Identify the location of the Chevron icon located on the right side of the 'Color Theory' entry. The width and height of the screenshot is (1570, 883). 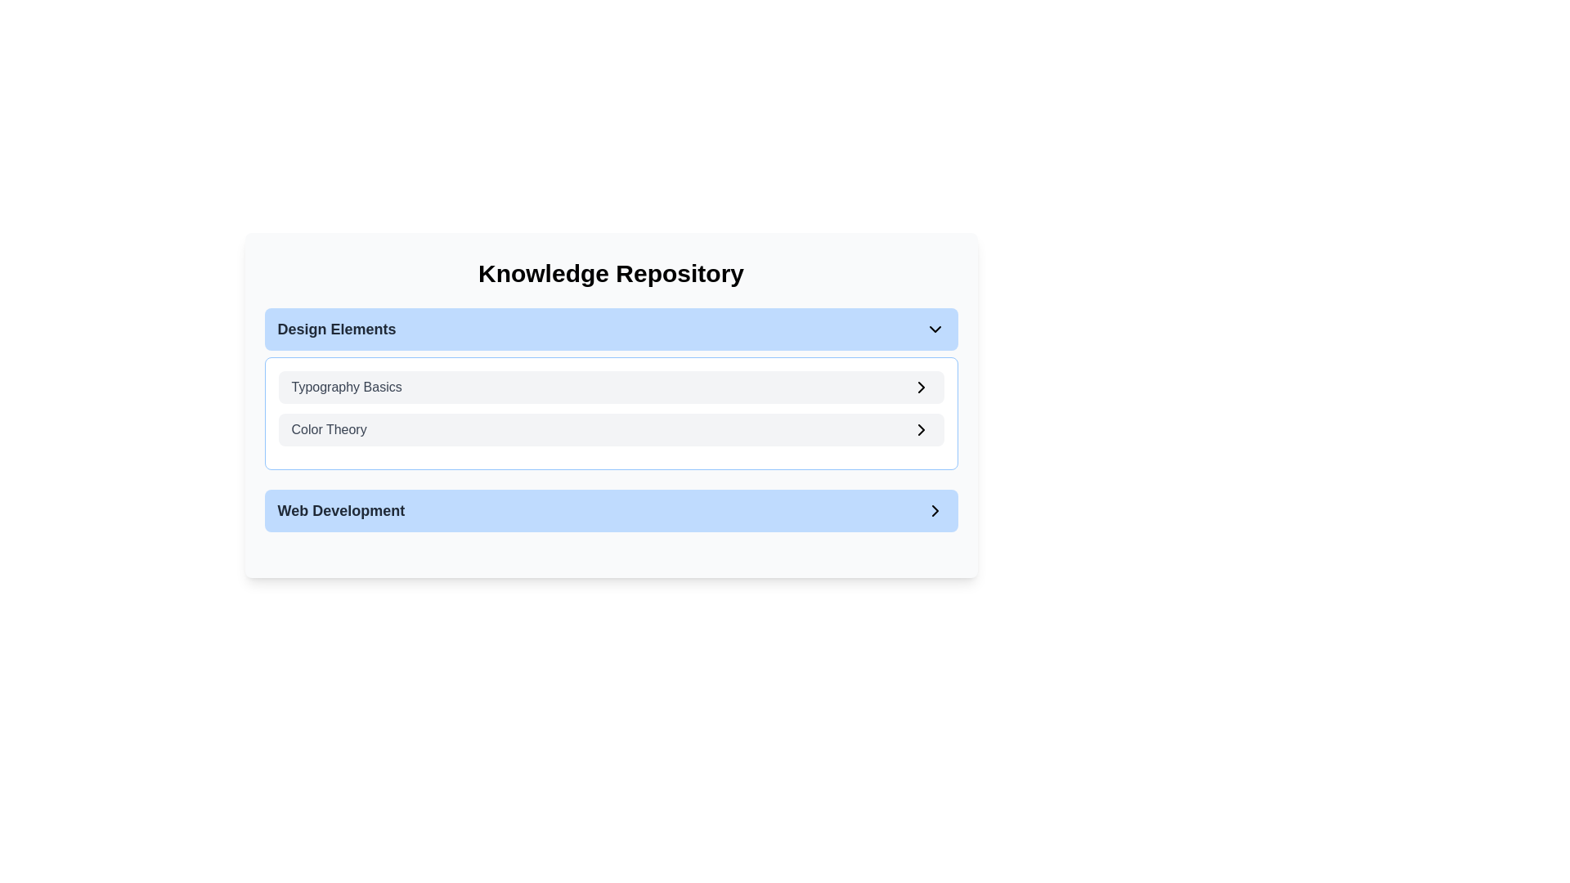
(921, 428).